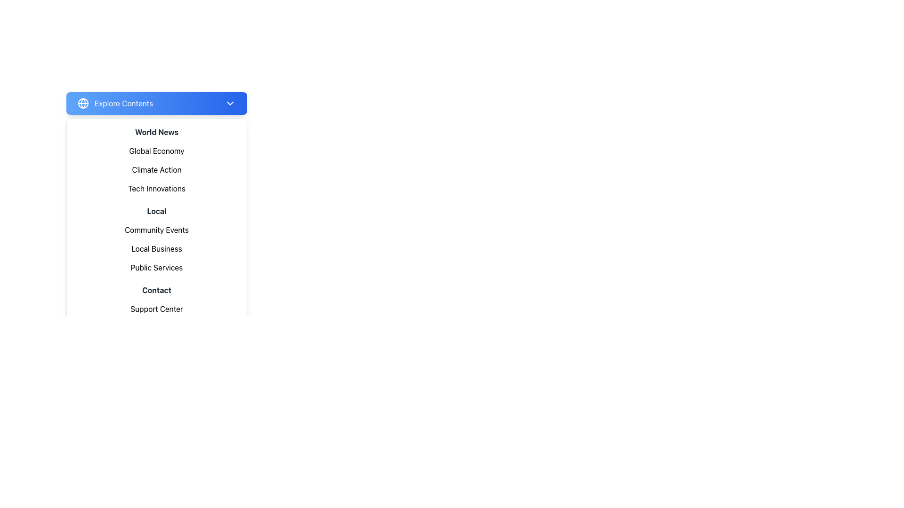  Describe the element at coordinates (156, 150) in the screenshot. I see `the first menu item under the 'World News' section` at that location.